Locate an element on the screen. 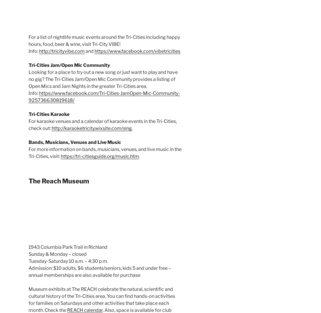 The width and height of the screenshot is (321, 313). '1943 Columbia Park Trail in Richland' is located at coordinates (29, 247).